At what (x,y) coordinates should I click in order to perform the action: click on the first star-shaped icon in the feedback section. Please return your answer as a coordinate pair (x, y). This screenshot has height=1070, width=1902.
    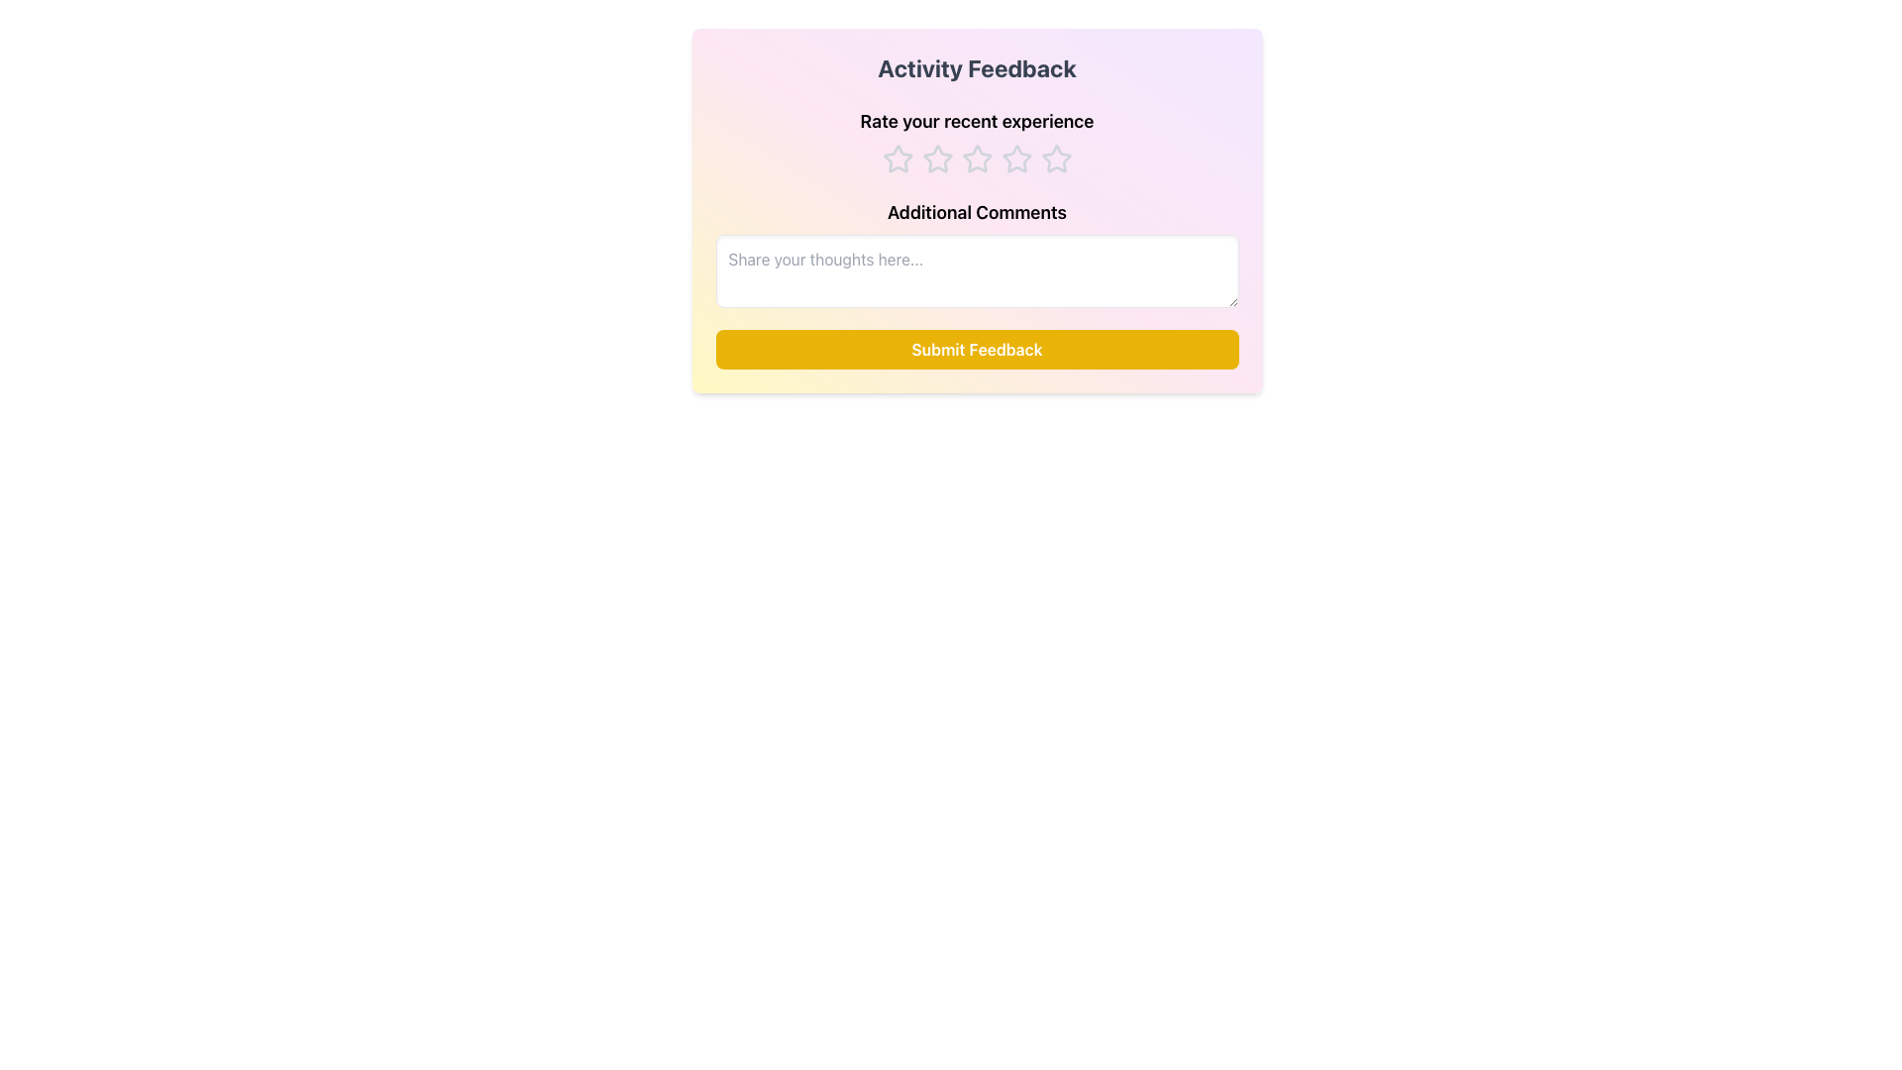
    Looking at the image, I should click on (897, 159).